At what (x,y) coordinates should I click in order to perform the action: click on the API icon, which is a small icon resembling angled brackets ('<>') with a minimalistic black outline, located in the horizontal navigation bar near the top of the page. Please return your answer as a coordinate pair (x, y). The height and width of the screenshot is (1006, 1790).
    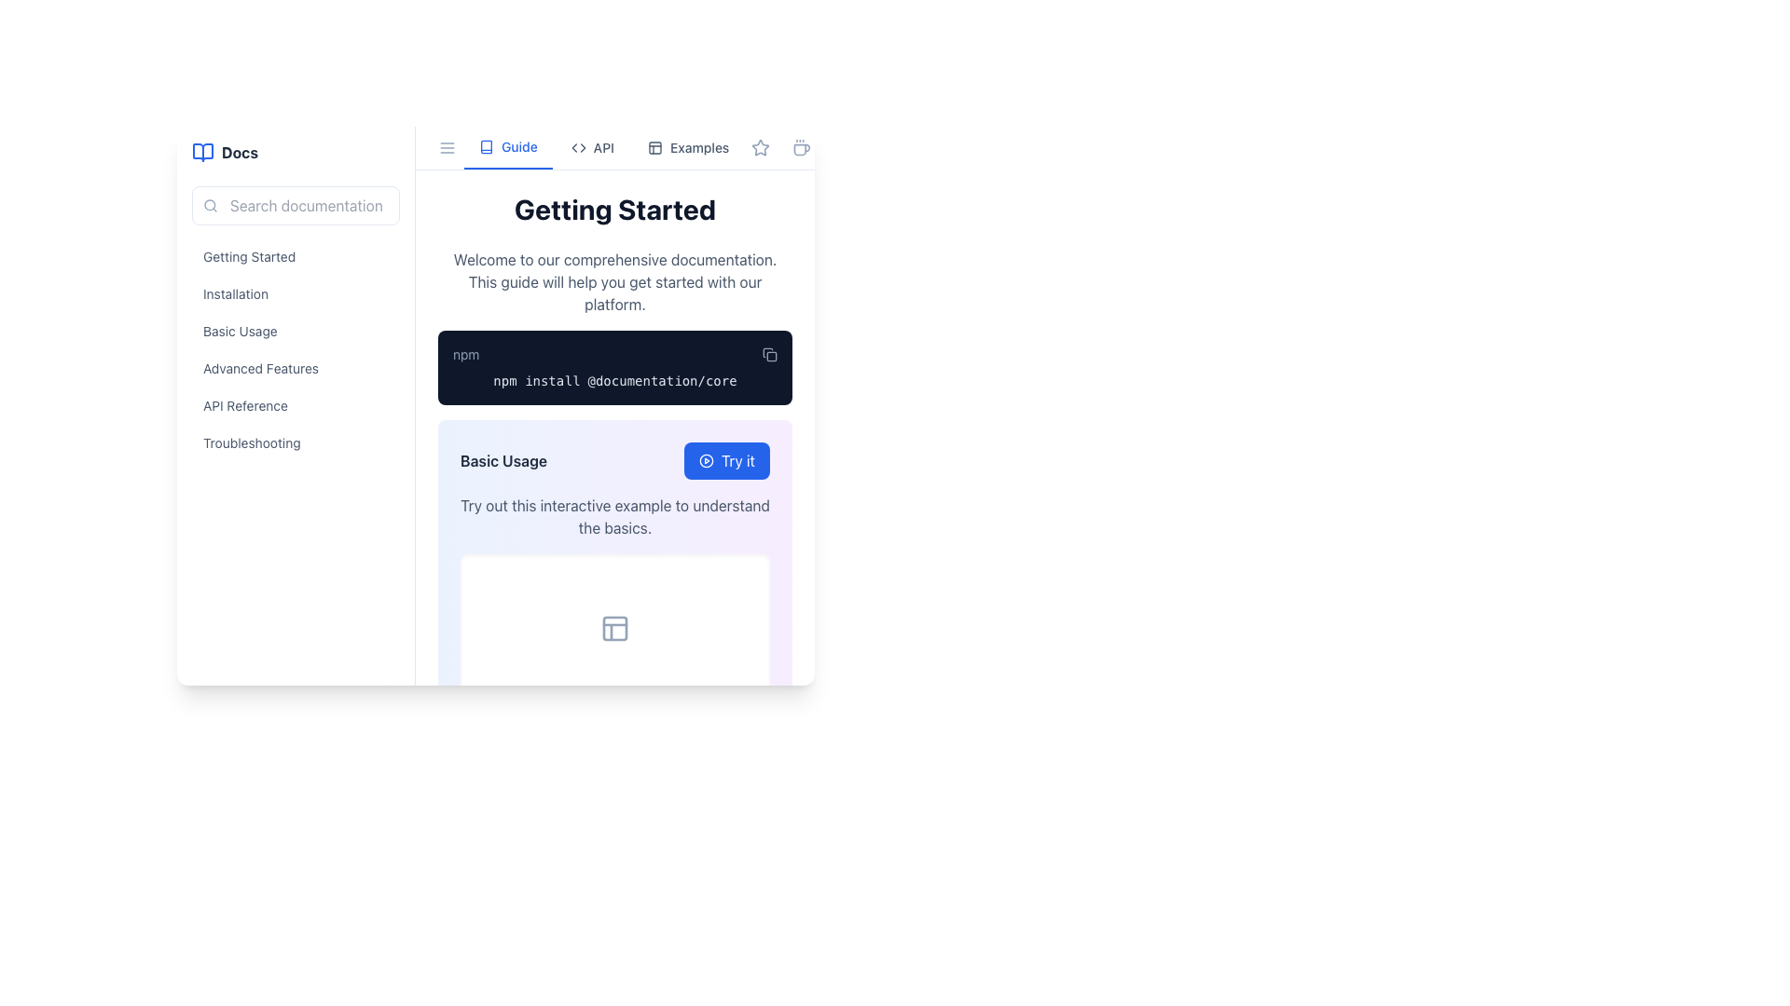
    Looking at the image, I should click on (577, 146).